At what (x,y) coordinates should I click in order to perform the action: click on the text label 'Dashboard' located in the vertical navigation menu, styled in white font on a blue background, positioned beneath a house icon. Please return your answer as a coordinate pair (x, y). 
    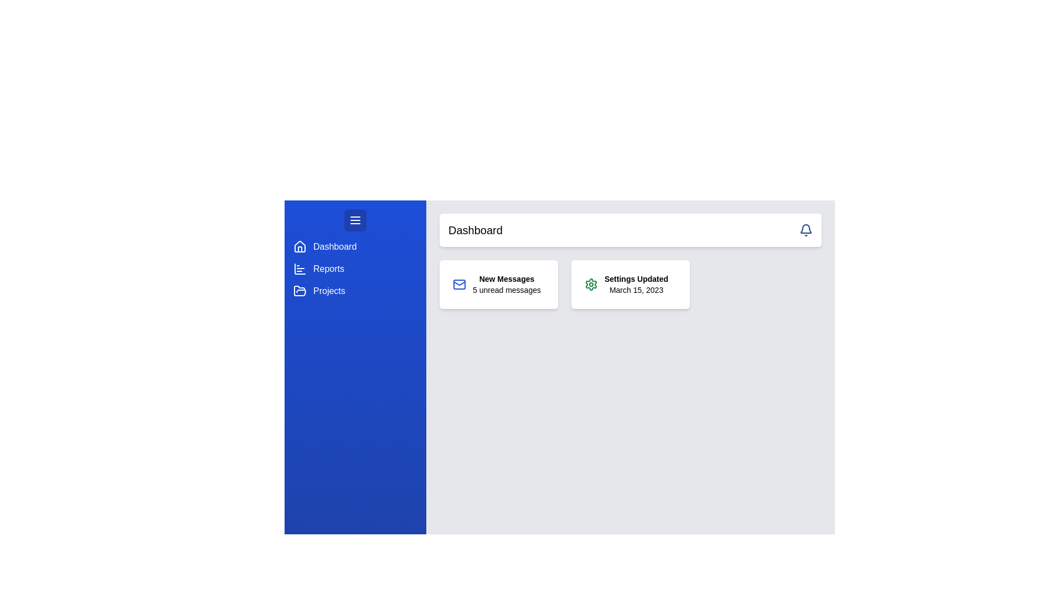
    Looking at the image, I should click on (334, 246).